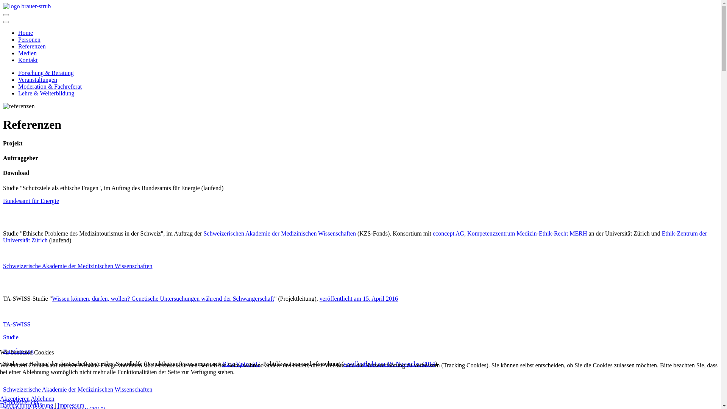 The width and height of the screenshot is (727, 409). Describe the element at coordinates (29, 39) in the screenshot. I see `'Personen'` at that location.